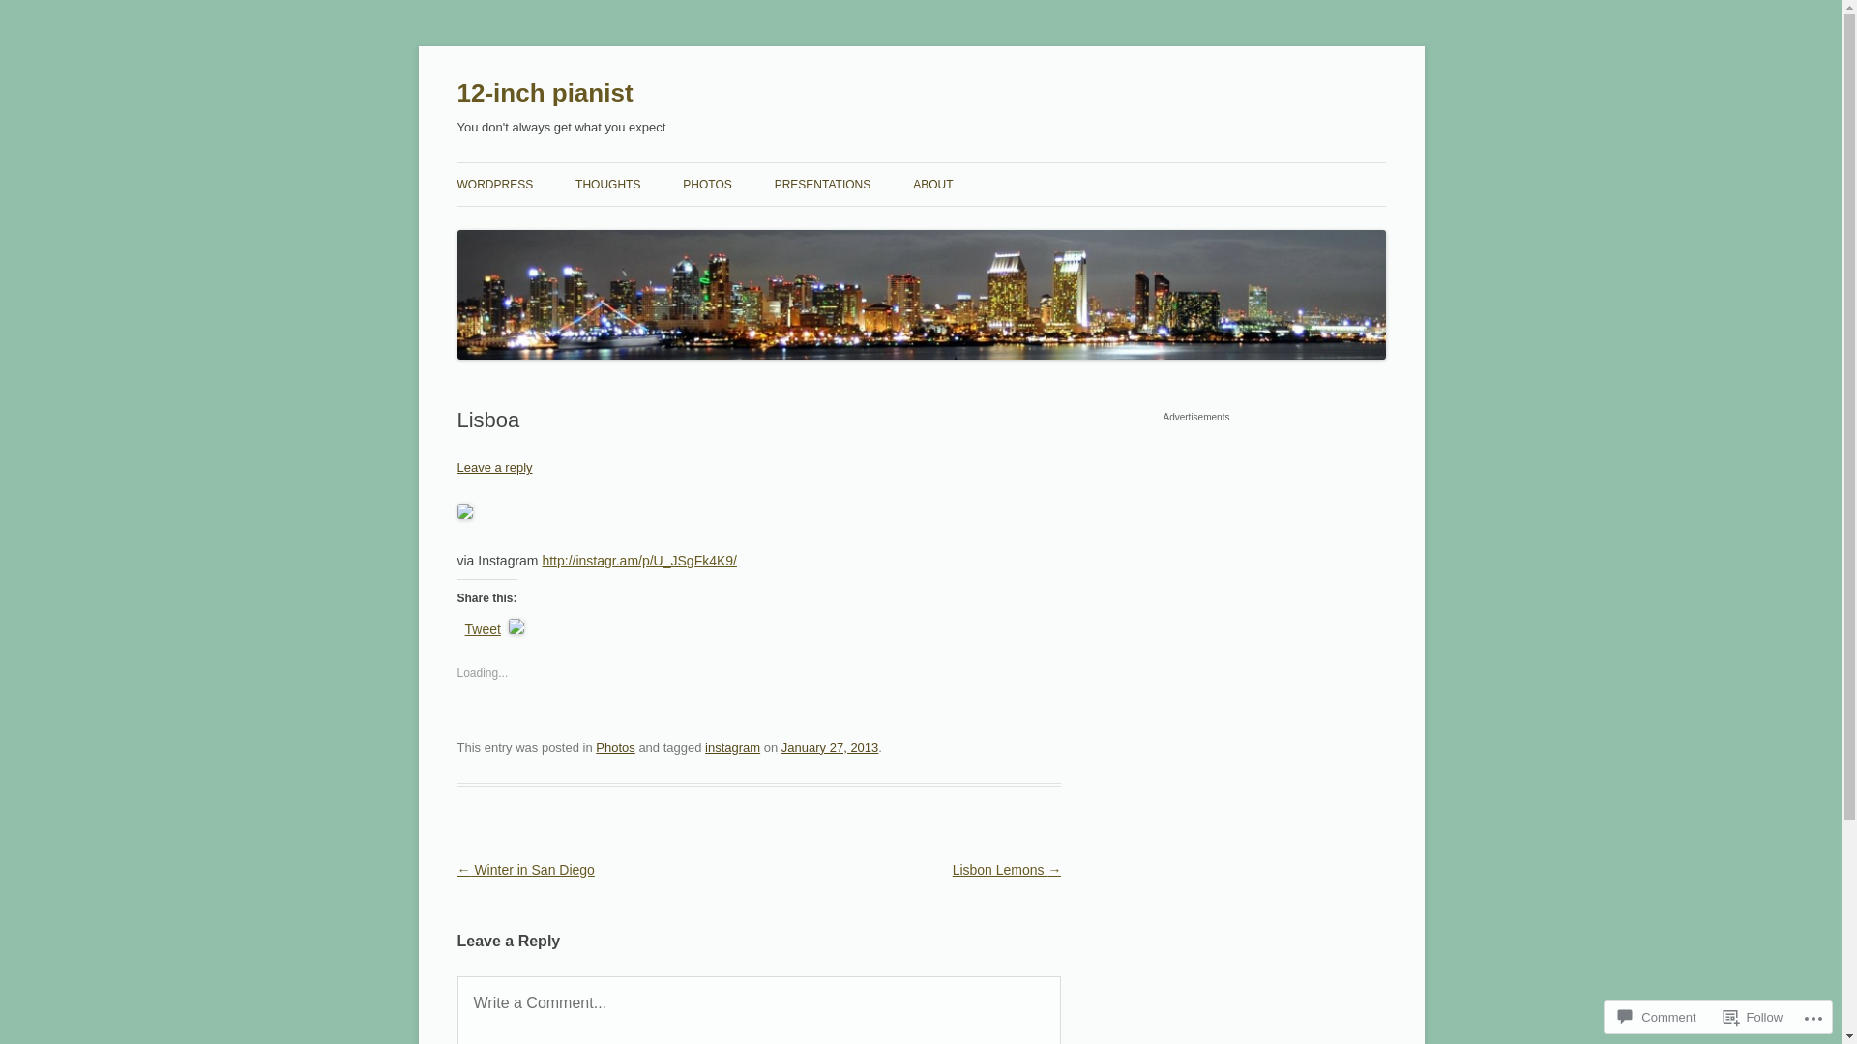 The image size is (1857, 1044). What do you see at coordinates (781, 746) in the screenshot?
I see `'January 27, 2013'` at bounding box center [781, 746].